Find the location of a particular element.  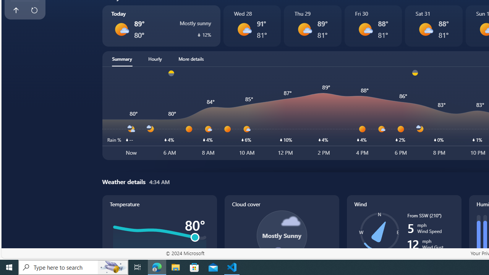

'Class: cloudCoverSvg-DS-ps0R9q' is located at coordinates (281, 235).